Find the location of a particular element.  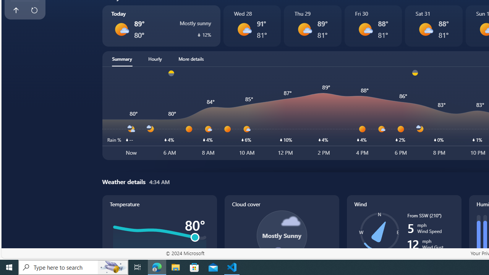

'Class: cloudCoverSvg-DS-ps0R9q' is located at coordinates (281, 235).